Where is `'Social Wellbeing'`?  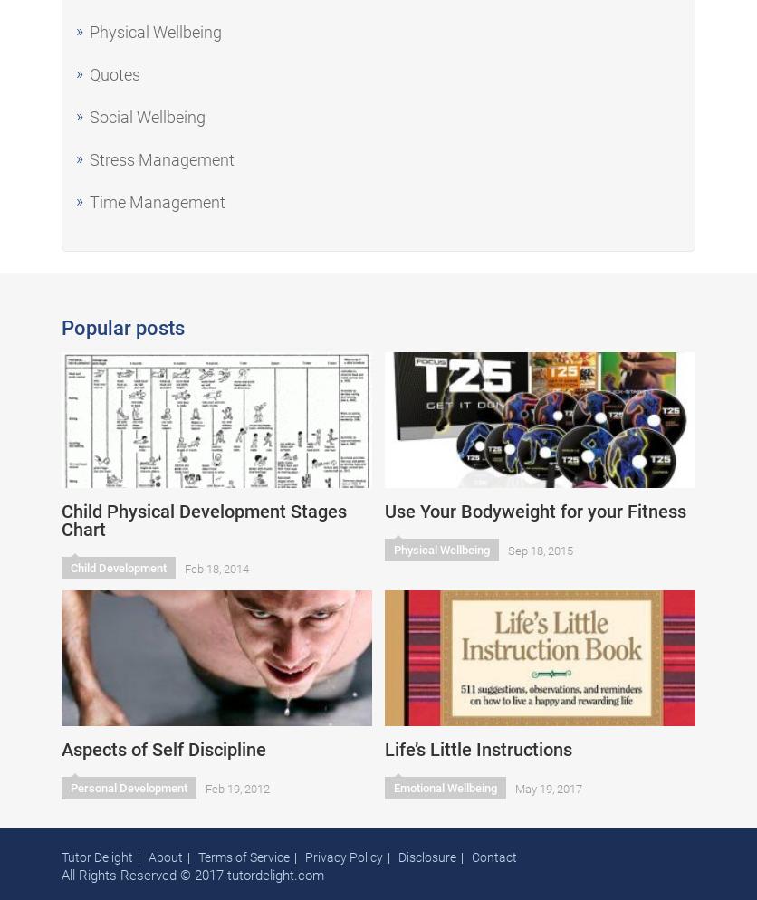
'Social Wellbeing' is located at coordinates (89, 116).